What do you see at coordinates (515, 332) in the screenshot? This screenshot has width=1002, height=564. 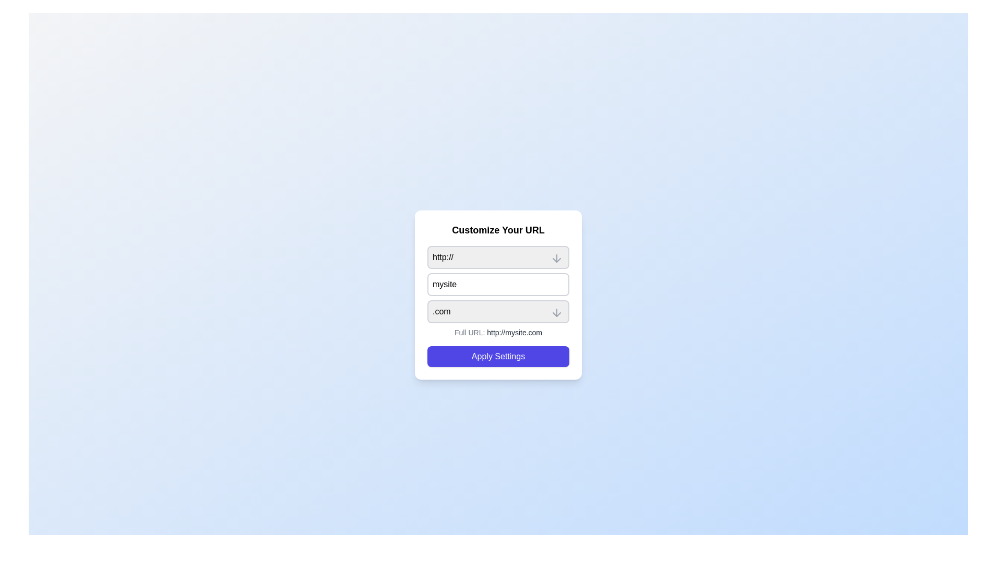 I see `the display-only text label that shows the full URL created based on user inputs, located in the 'Customize Your URL' modal, directly under 'Full URL:' and above the 'Apply Settings' button` at bounding box center [515, 332].